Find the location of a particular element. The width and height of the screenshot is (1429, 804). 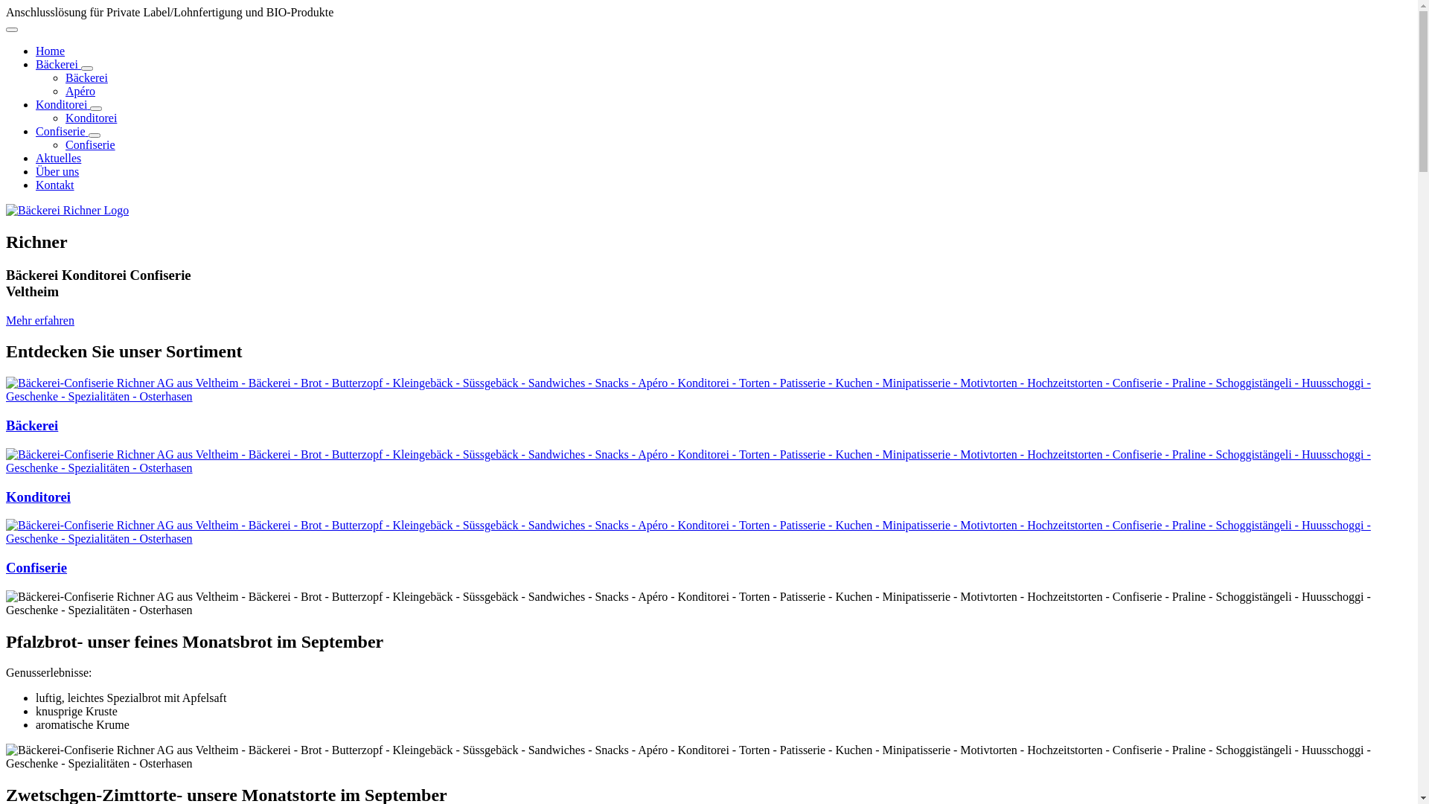

'Konditorei' is located at coordinates (38, 496).